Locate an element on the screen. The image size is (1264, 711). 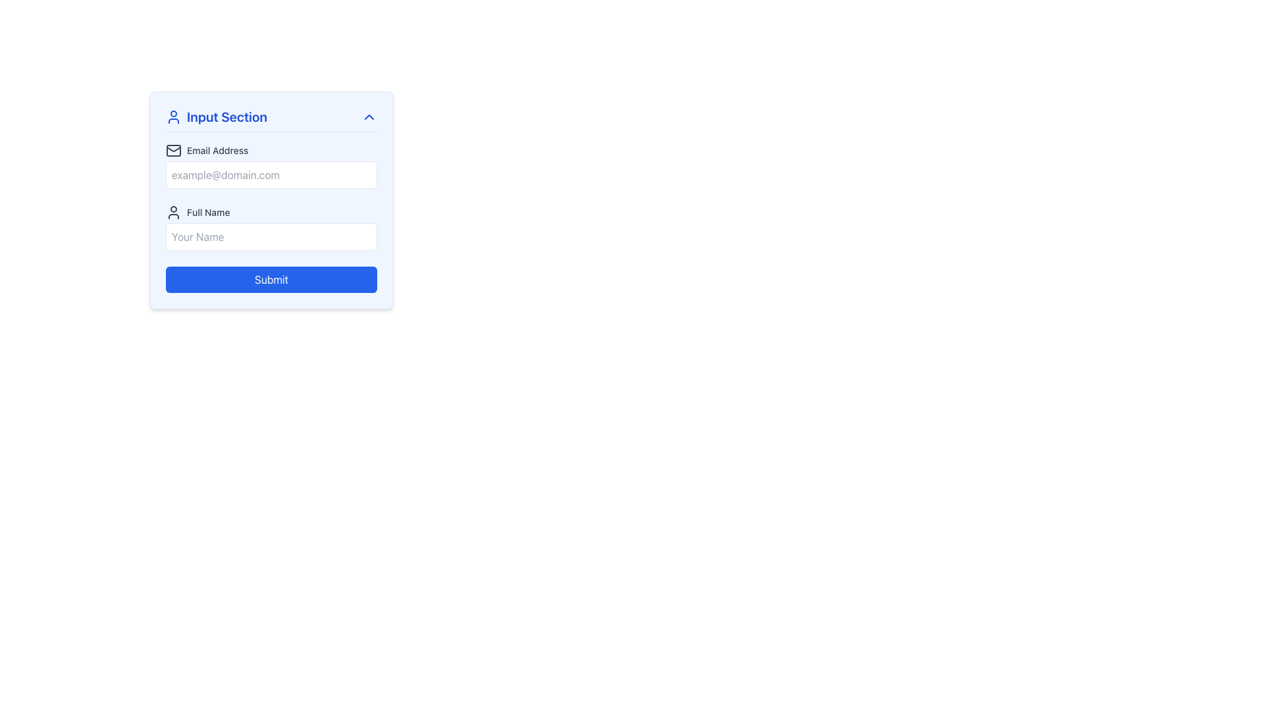
the email functionality icon located in the 'Input Section', aligned to the left of the 'Email Address' label is located at coordinates (173, 149).